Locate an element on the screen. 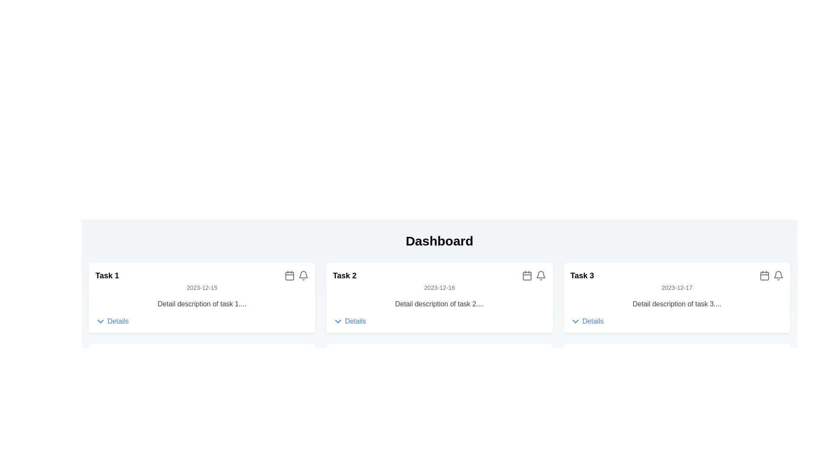  the calendar icon located in the UI section for 'Task 2' is located at coordinates (526, 276).